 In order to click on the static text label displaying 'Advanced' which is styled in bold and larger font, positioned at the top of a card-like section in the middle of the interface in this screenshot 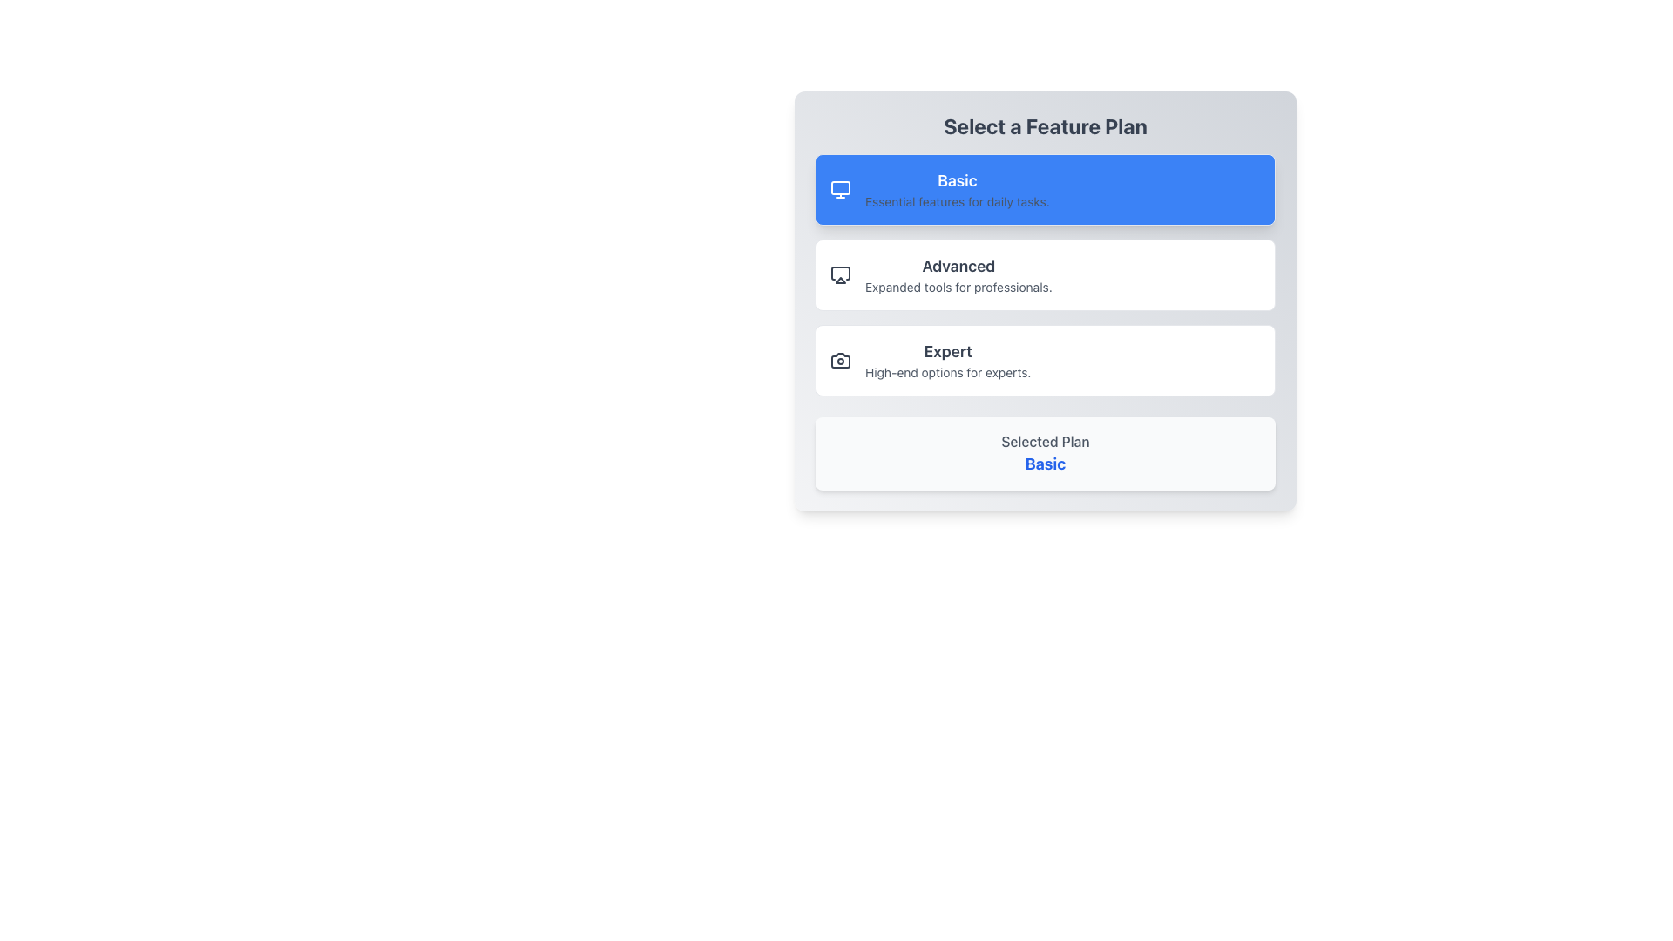, I will do `click(958, 266)`.